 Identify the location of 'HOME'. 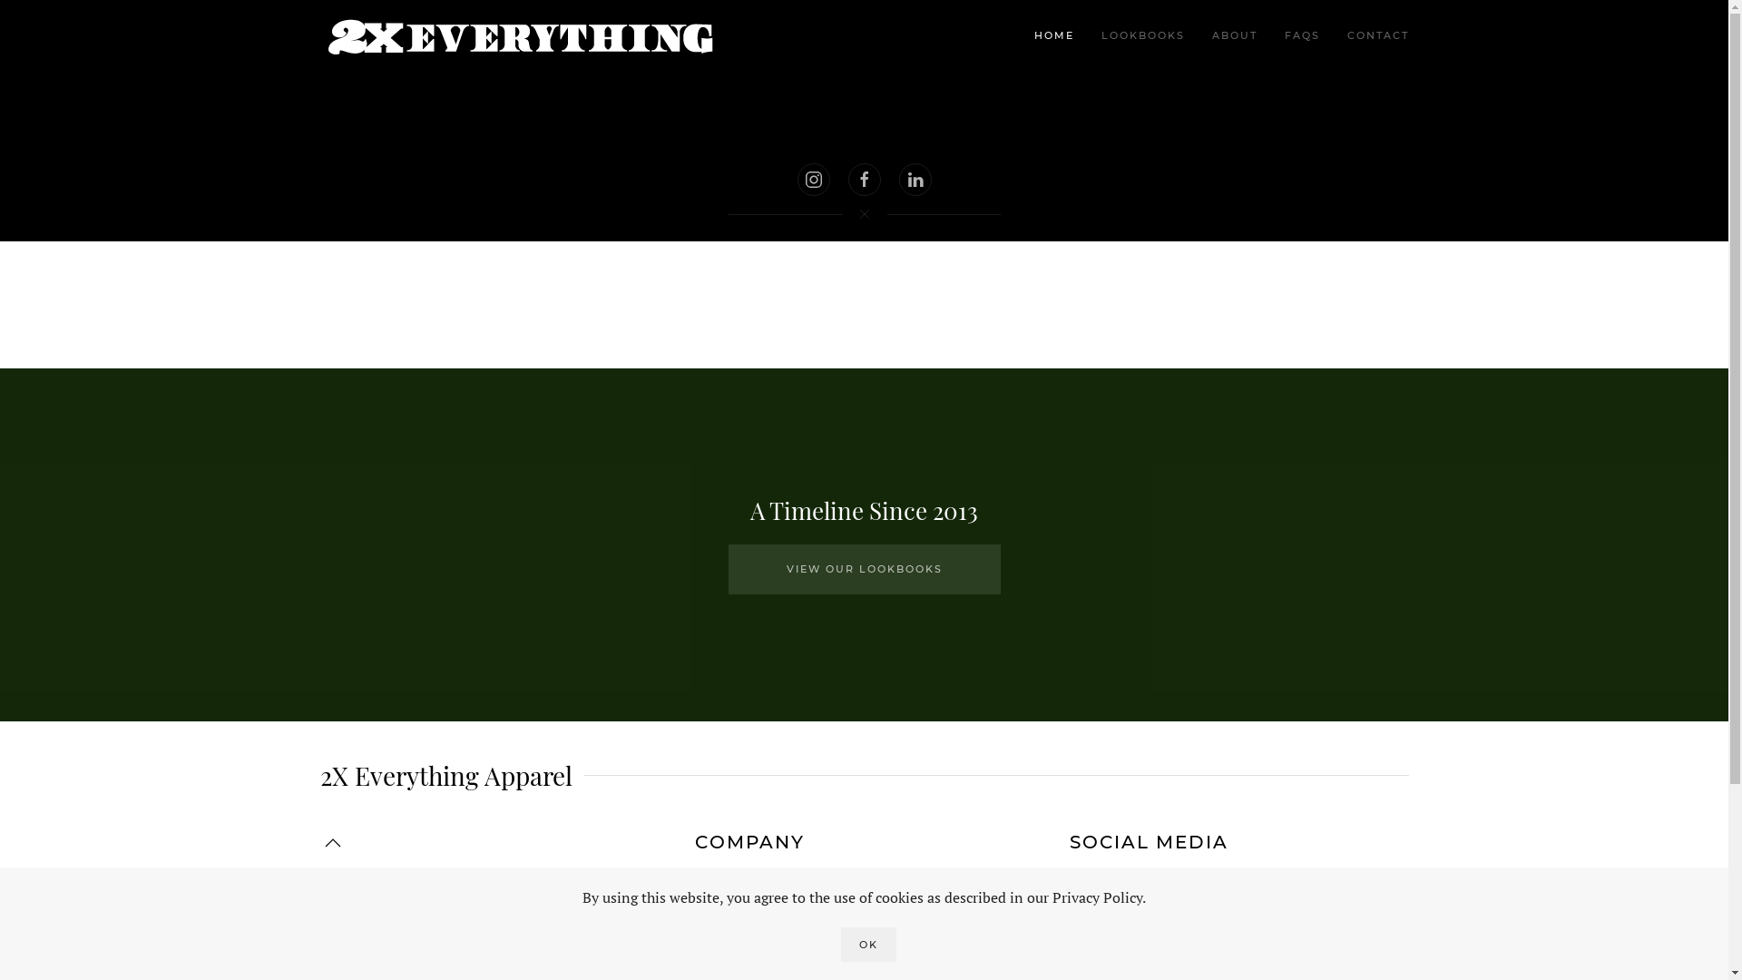
(1053, 35).